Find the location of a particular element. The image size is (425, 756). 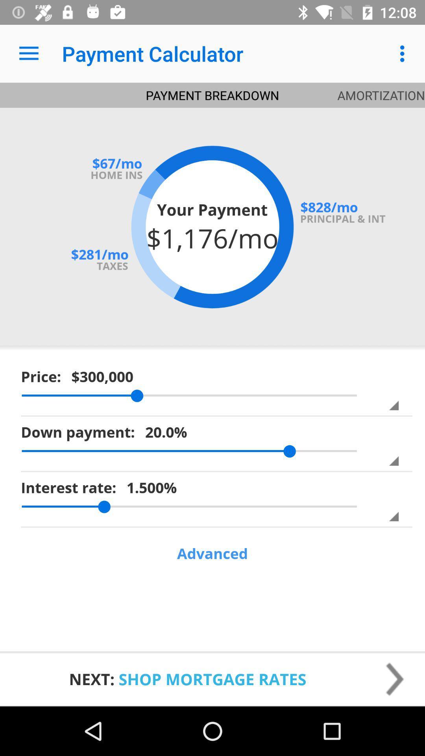

the app next to the payment calculator icon is located at coordinates (28, 53).